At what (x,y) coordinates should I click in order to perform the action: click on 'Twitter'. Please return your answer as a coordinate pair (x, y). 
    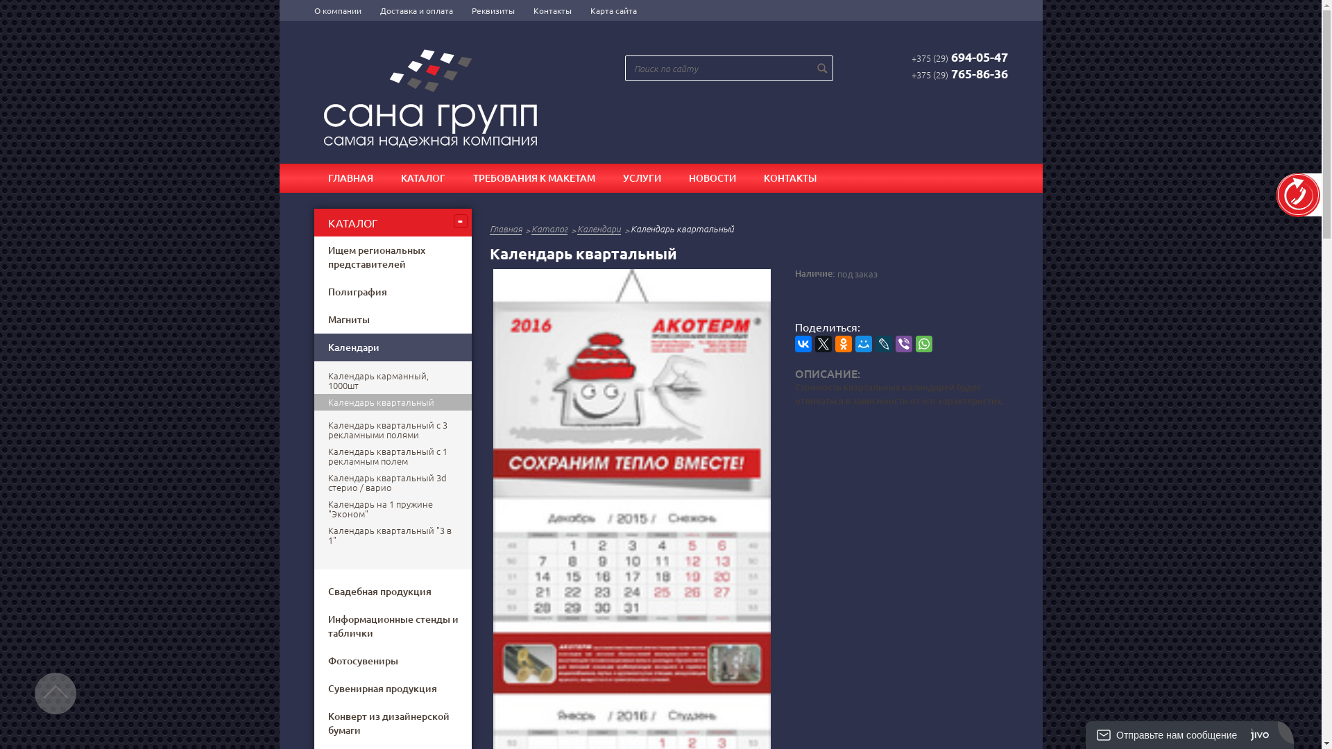
    Looking at the image, I should click on (822, 343).